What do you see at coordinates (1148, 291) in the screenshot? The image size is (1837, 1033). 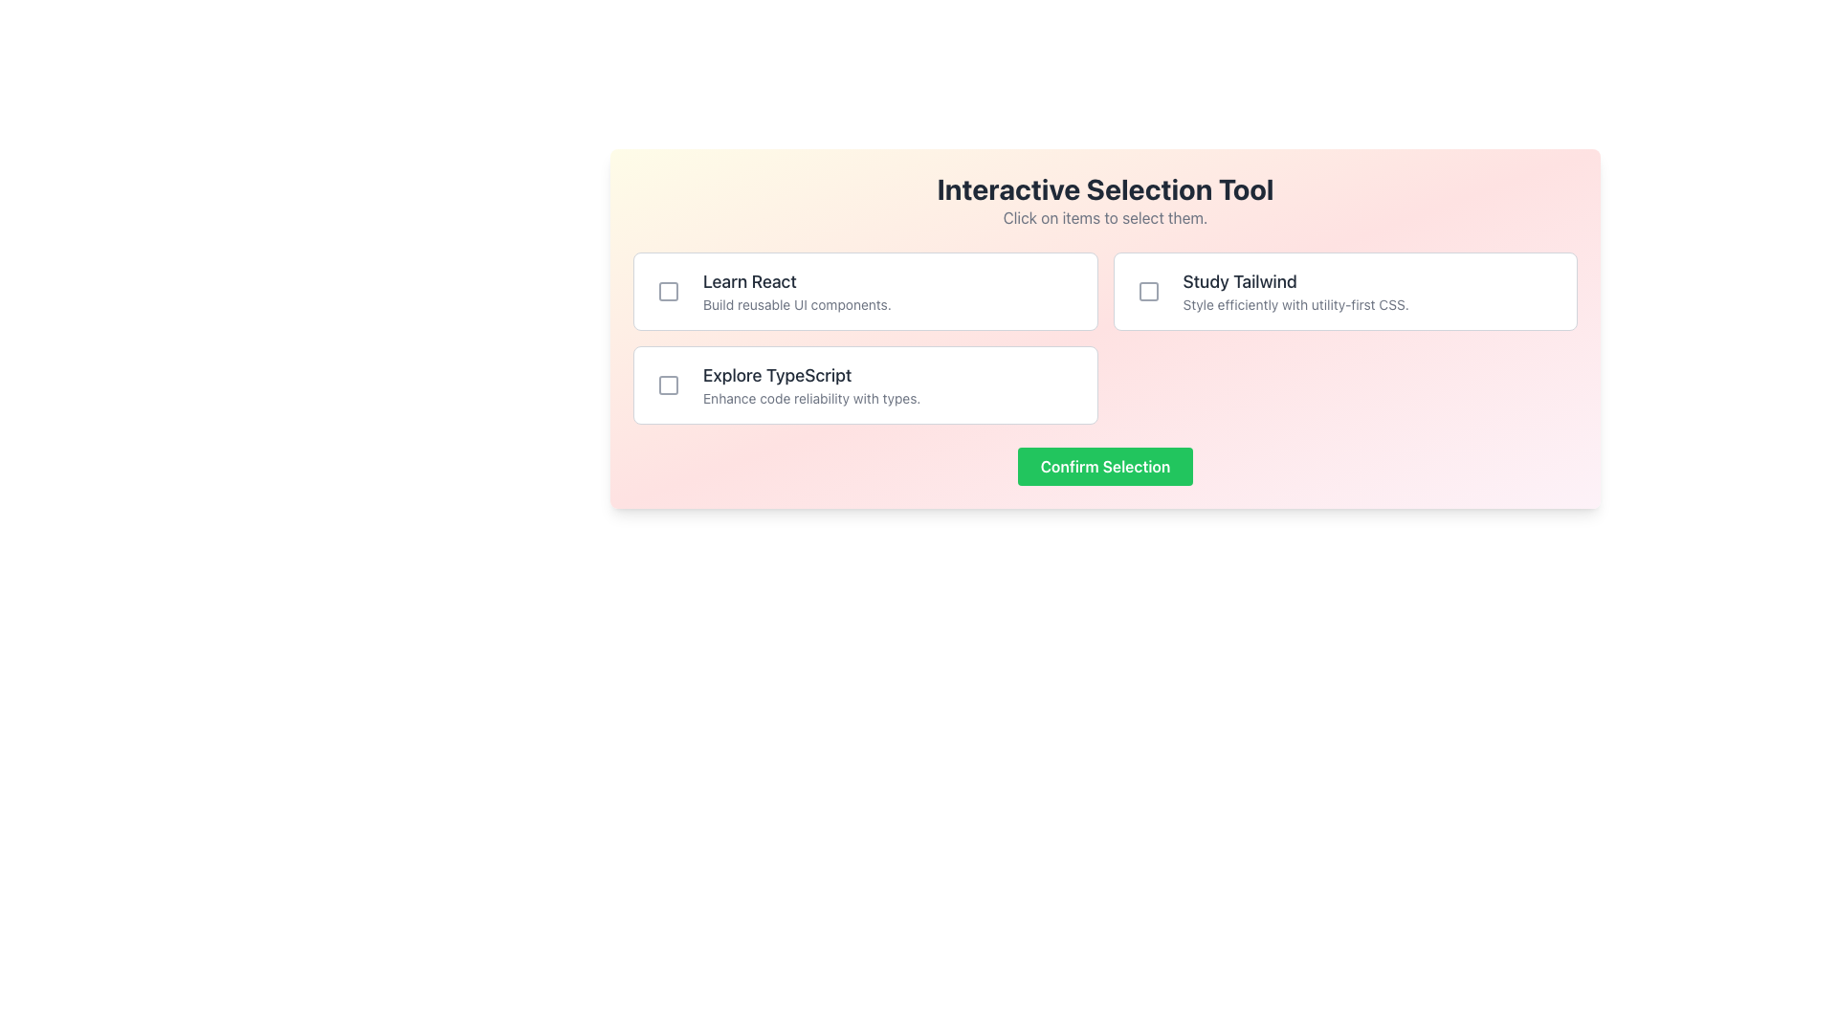 I see `the checkbox located in the top-left corner of the 'Study Tailwind' item box` at bounding box center [1148, 291].